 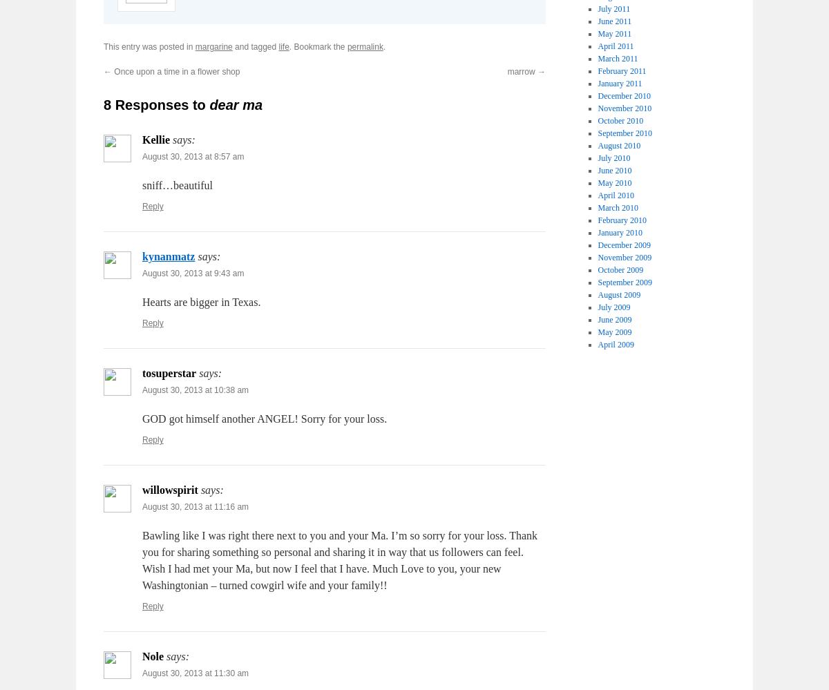 I want to click on 'and tagged', so click(x=255, y=46).